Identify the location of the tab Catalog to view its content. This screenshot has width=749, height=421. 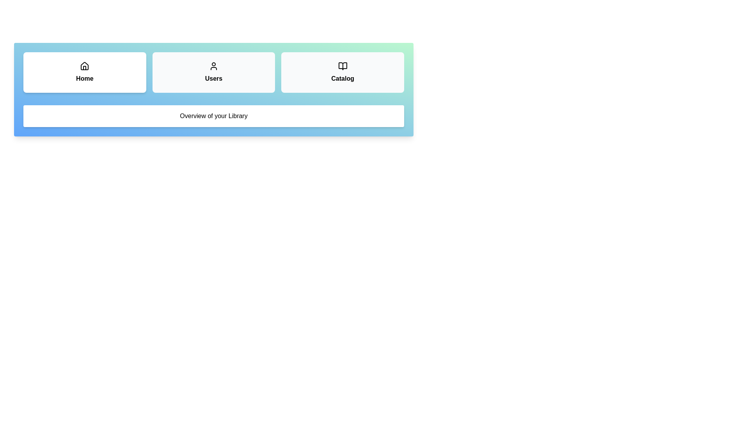
(343, 72).